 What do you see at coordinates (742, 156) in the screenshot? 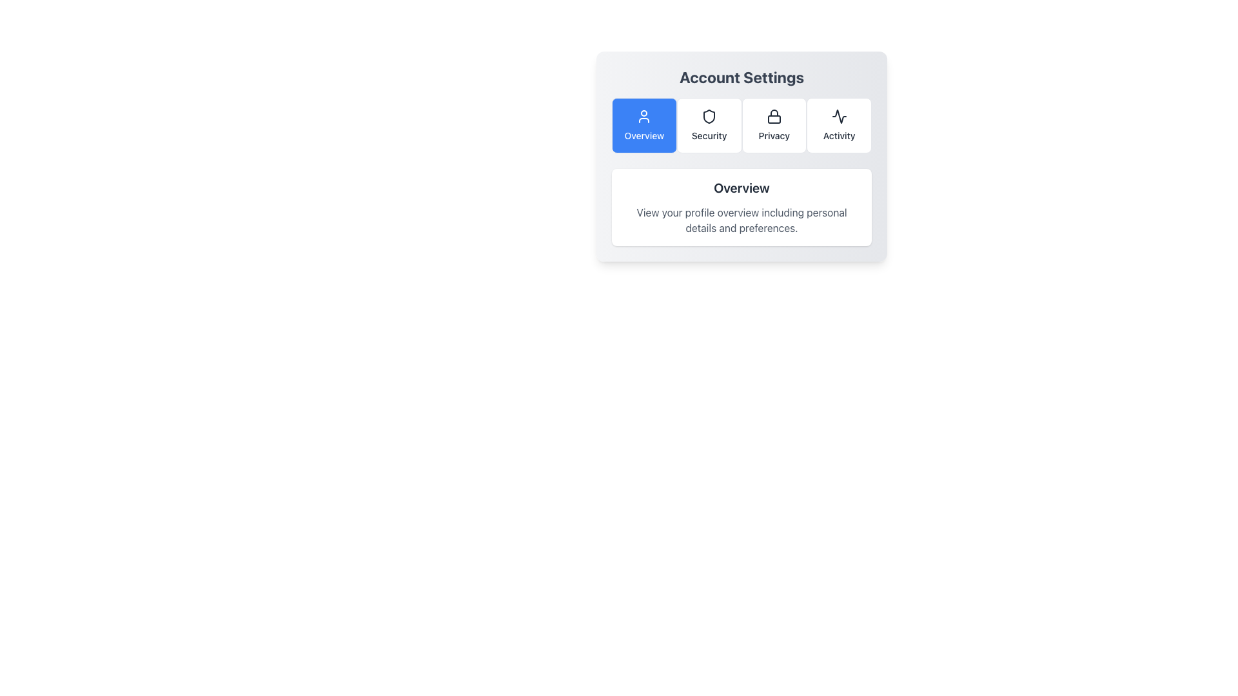
I see `the 'Overview' button within the 'Account Settings' card component for navigation` at bounding box center [742, 156].